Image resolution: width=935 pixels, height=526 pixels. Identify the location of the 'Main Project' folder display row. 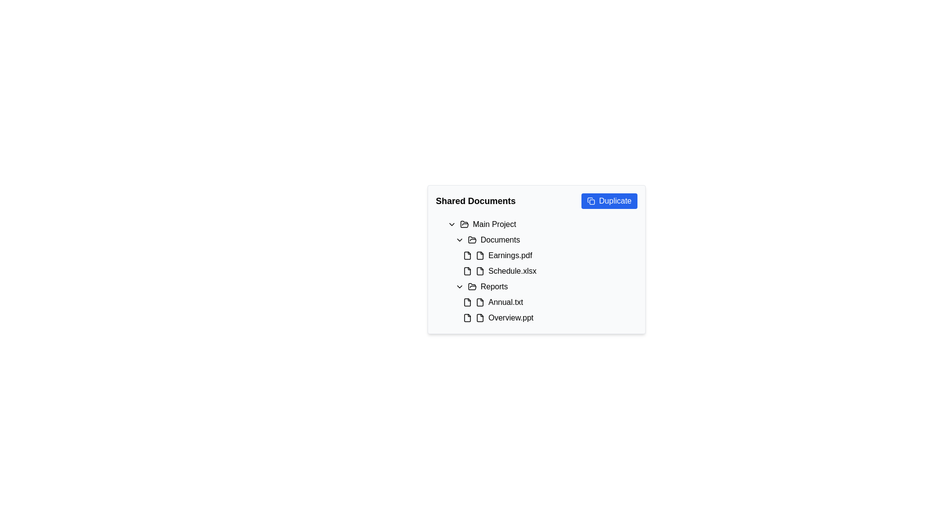
(540, 225).